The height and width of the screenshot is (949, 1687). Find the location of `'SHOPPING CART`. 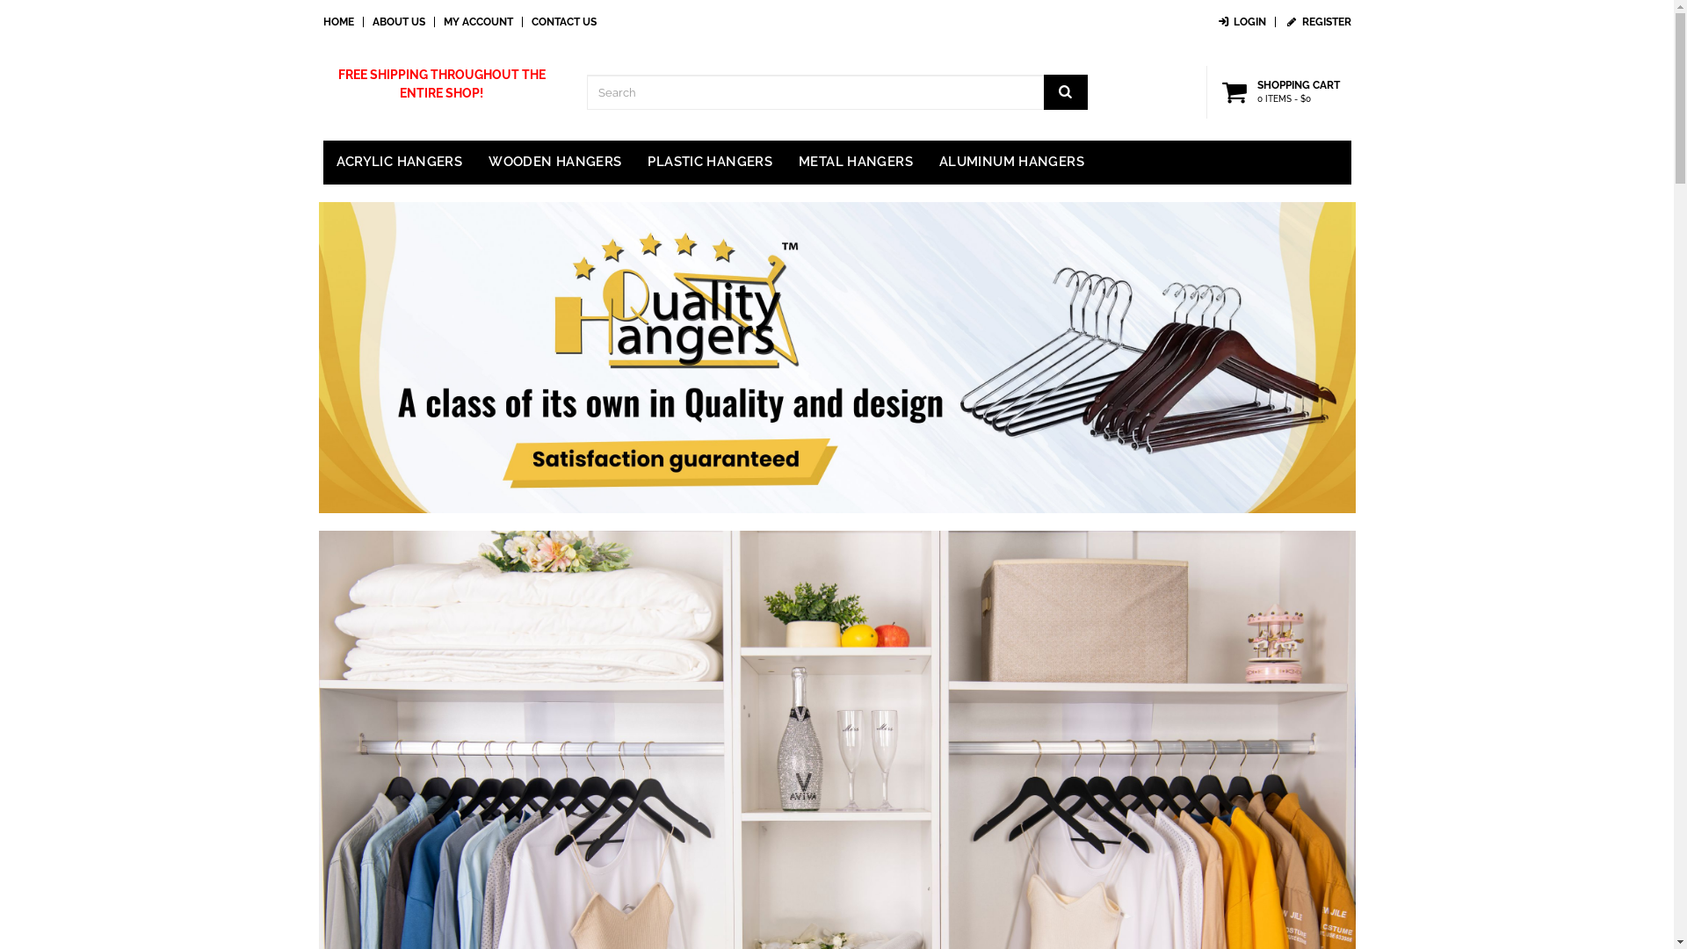

'SHOPPING CART is located at coordinates (1283, 91).